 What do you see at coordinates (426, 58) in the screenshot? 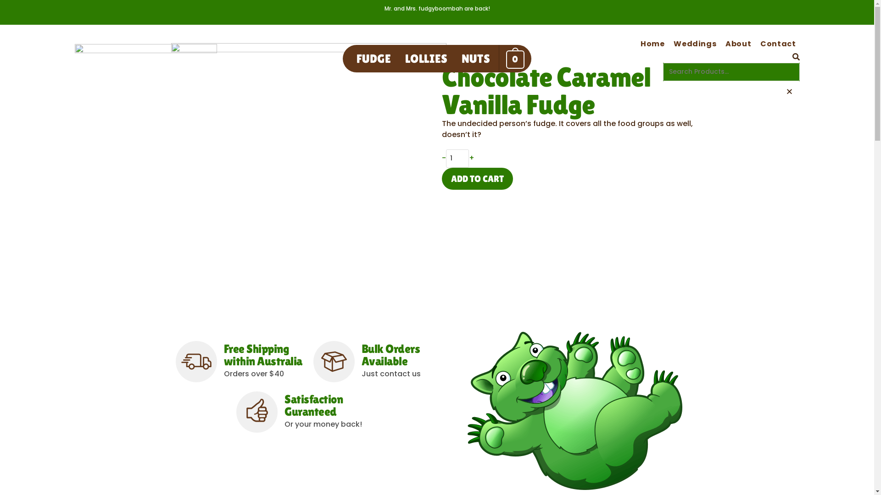
I see `'LOLLIES'` at bounding box center [426, 58].